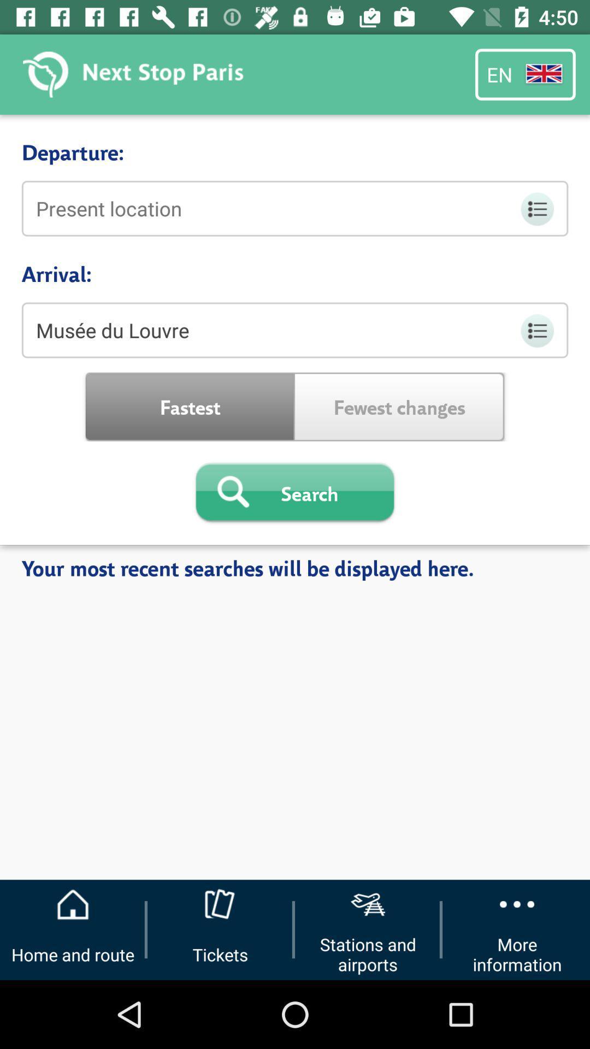 Image resolution: width=590 pixels, height=1049 pixels. I want to click on the text field below departure, so click(295, 209).